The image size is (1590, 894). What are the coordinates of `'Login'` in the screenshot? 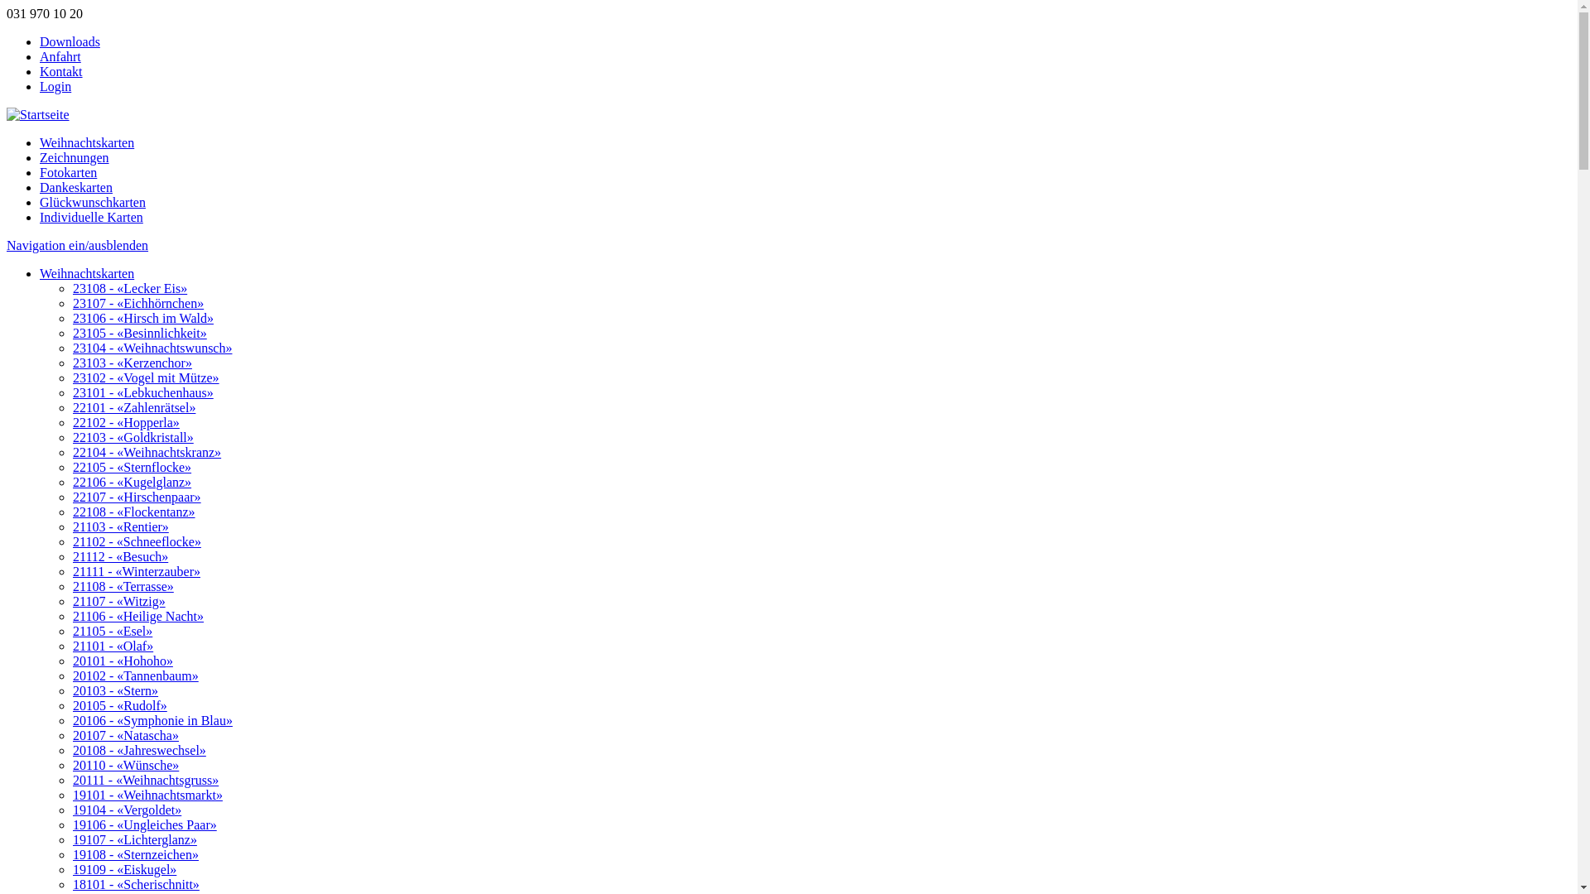 It's located at (55, 86).